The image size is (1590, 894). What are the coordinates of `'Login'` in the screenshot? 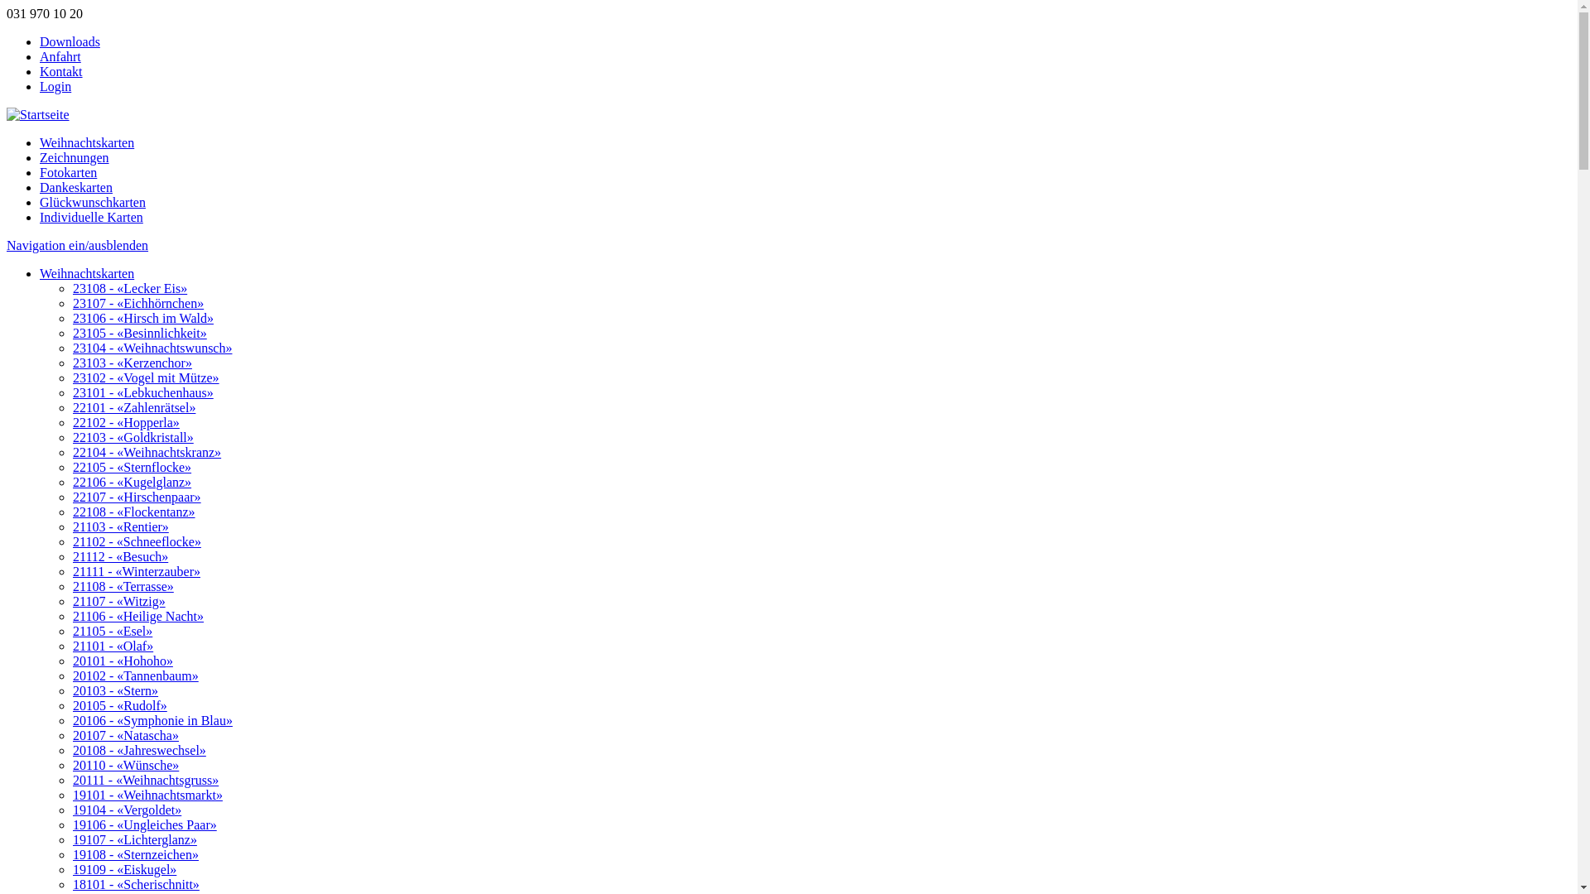 It's located at (55, 86).